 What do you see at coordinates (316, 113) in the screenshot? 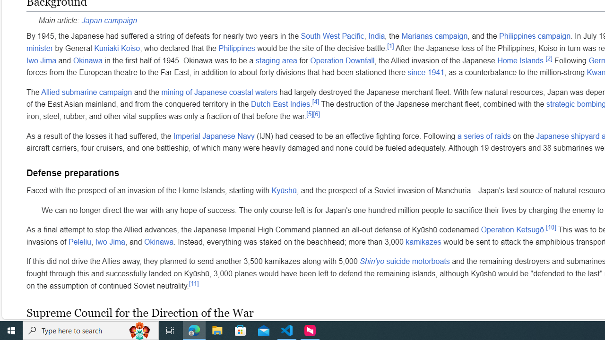
I see `'[6]'` at bounding box center [316, 113].